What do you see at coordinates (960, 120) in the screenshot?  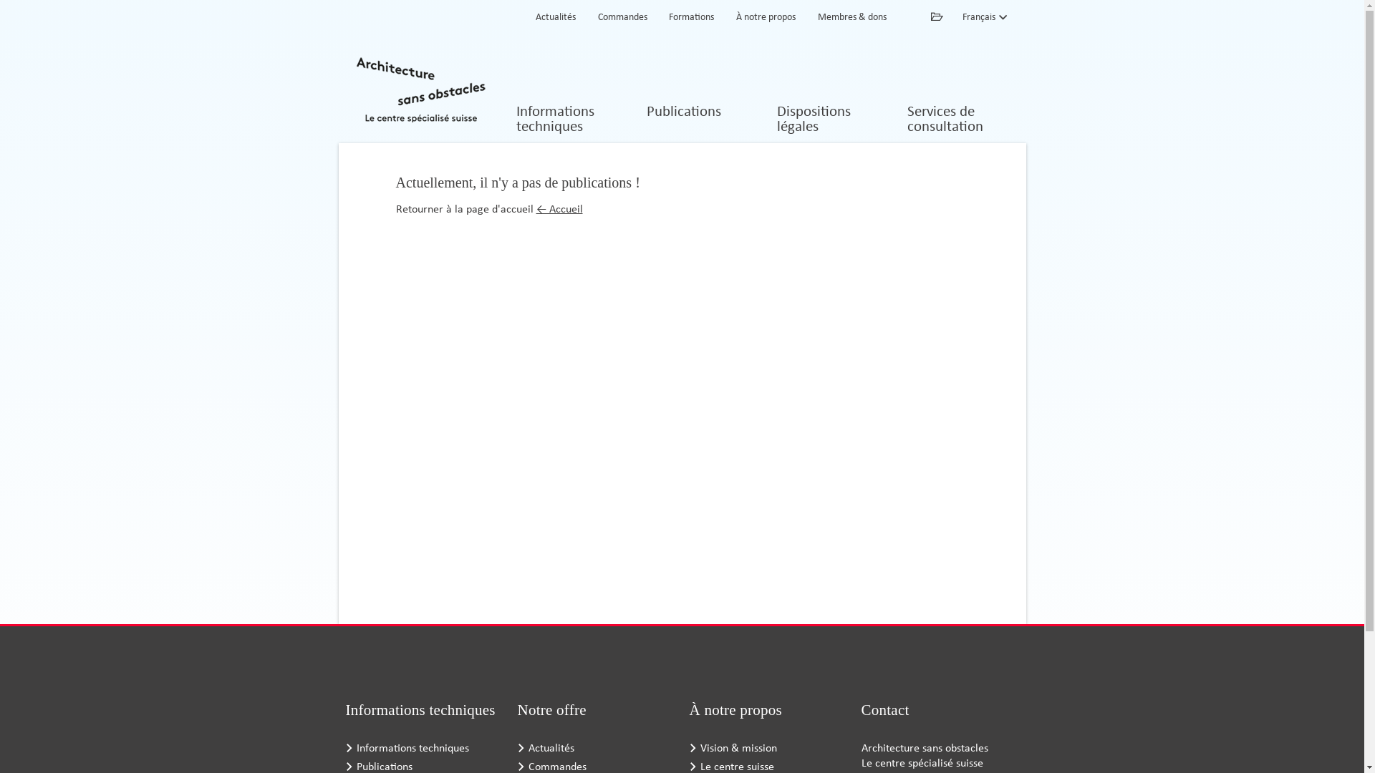 I see `'Services de consultation'` at bounding box center [960, 120].